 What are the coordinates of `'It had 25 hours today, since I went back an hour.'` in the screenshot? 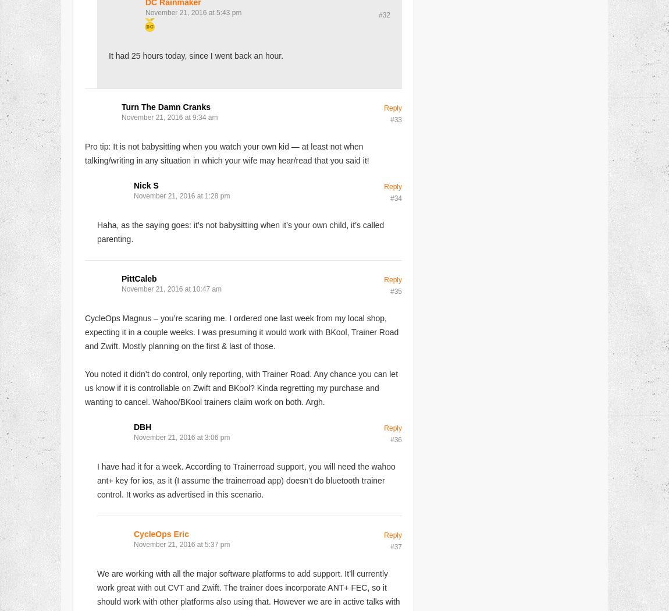 It's located at (195, 55).